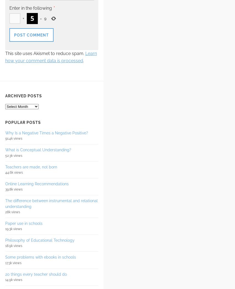 The width and height of the screenshot is (235, 289). I want to click on 'Archived posts', so click(23, 96).